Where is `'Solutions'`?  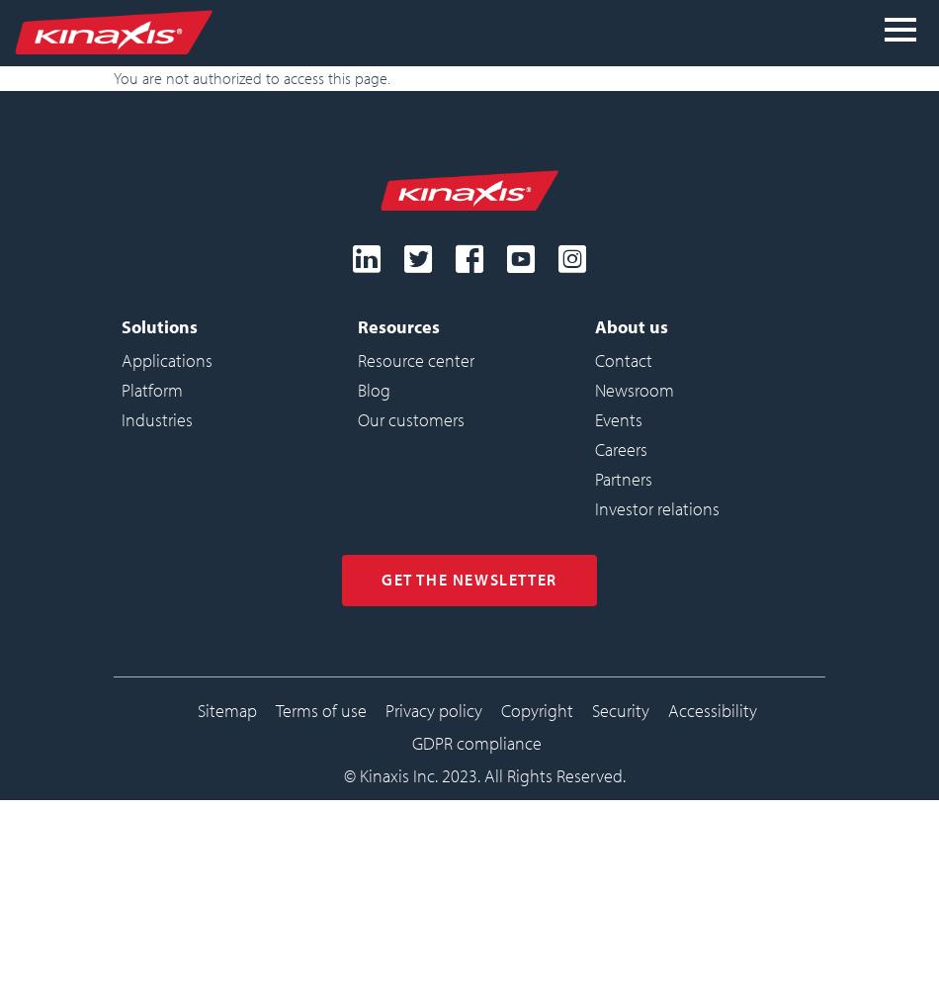 'Solutions' is located at coordinates (158, 324).